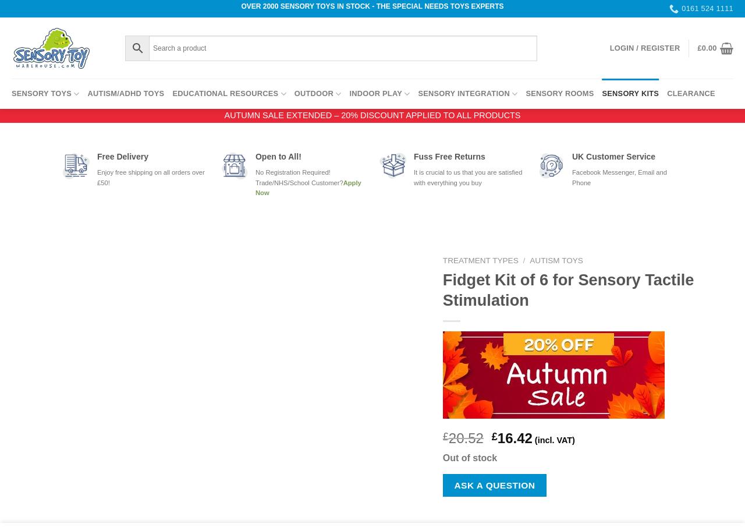 This screenshot has height=527, width=745. What do you see at coordinates (463, 93) in the screenshot?
I see `'Sensory Integration'` at bounding box center [463, 93].